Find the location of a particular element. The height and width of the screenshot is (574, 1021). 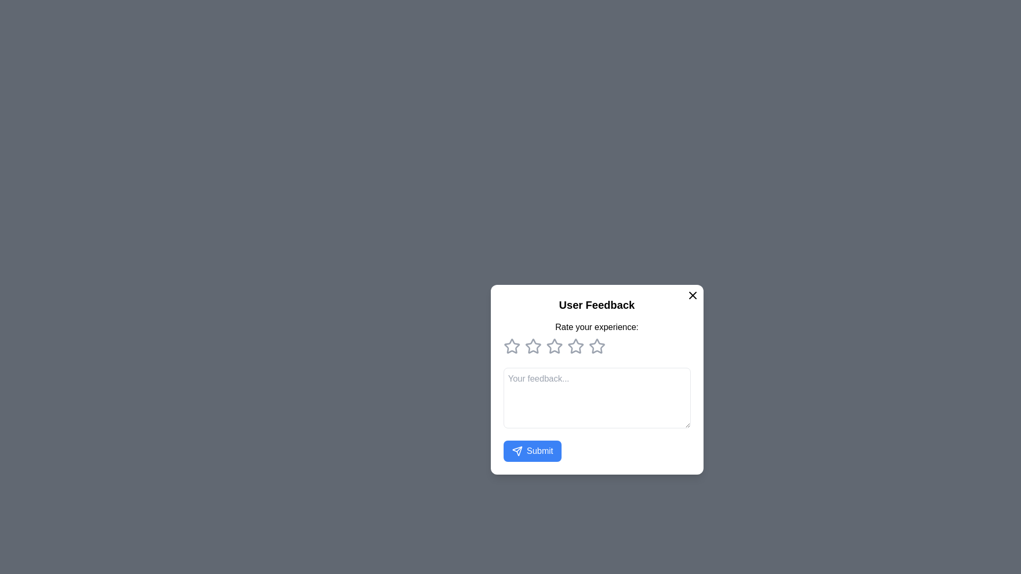

the prominent 'User Feedback' text label displayed in a bold font at the top of the popup dialog is located at coordinates (597, 305).